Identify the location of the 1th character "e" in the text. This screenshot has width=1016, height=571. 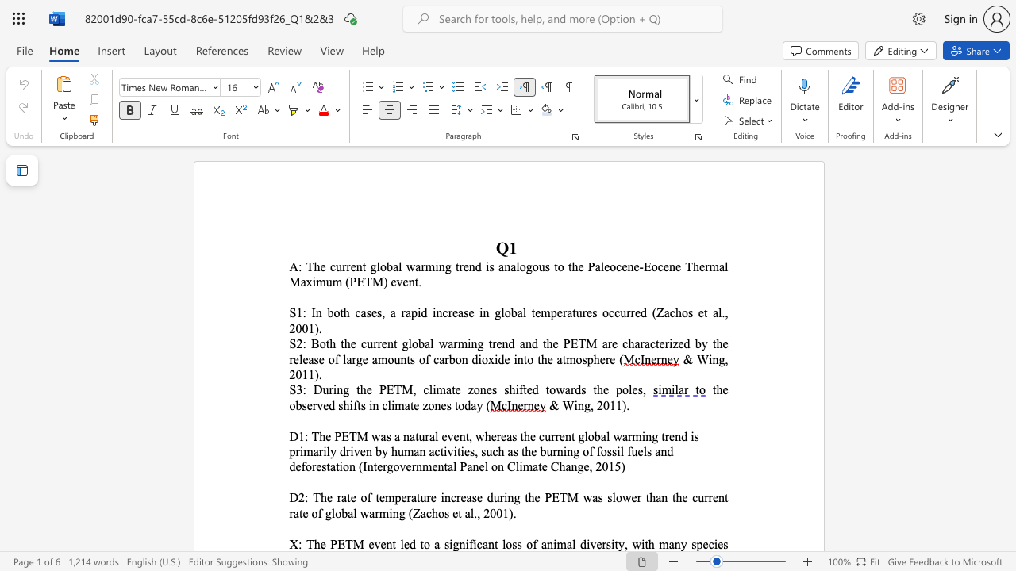
(364, 359).